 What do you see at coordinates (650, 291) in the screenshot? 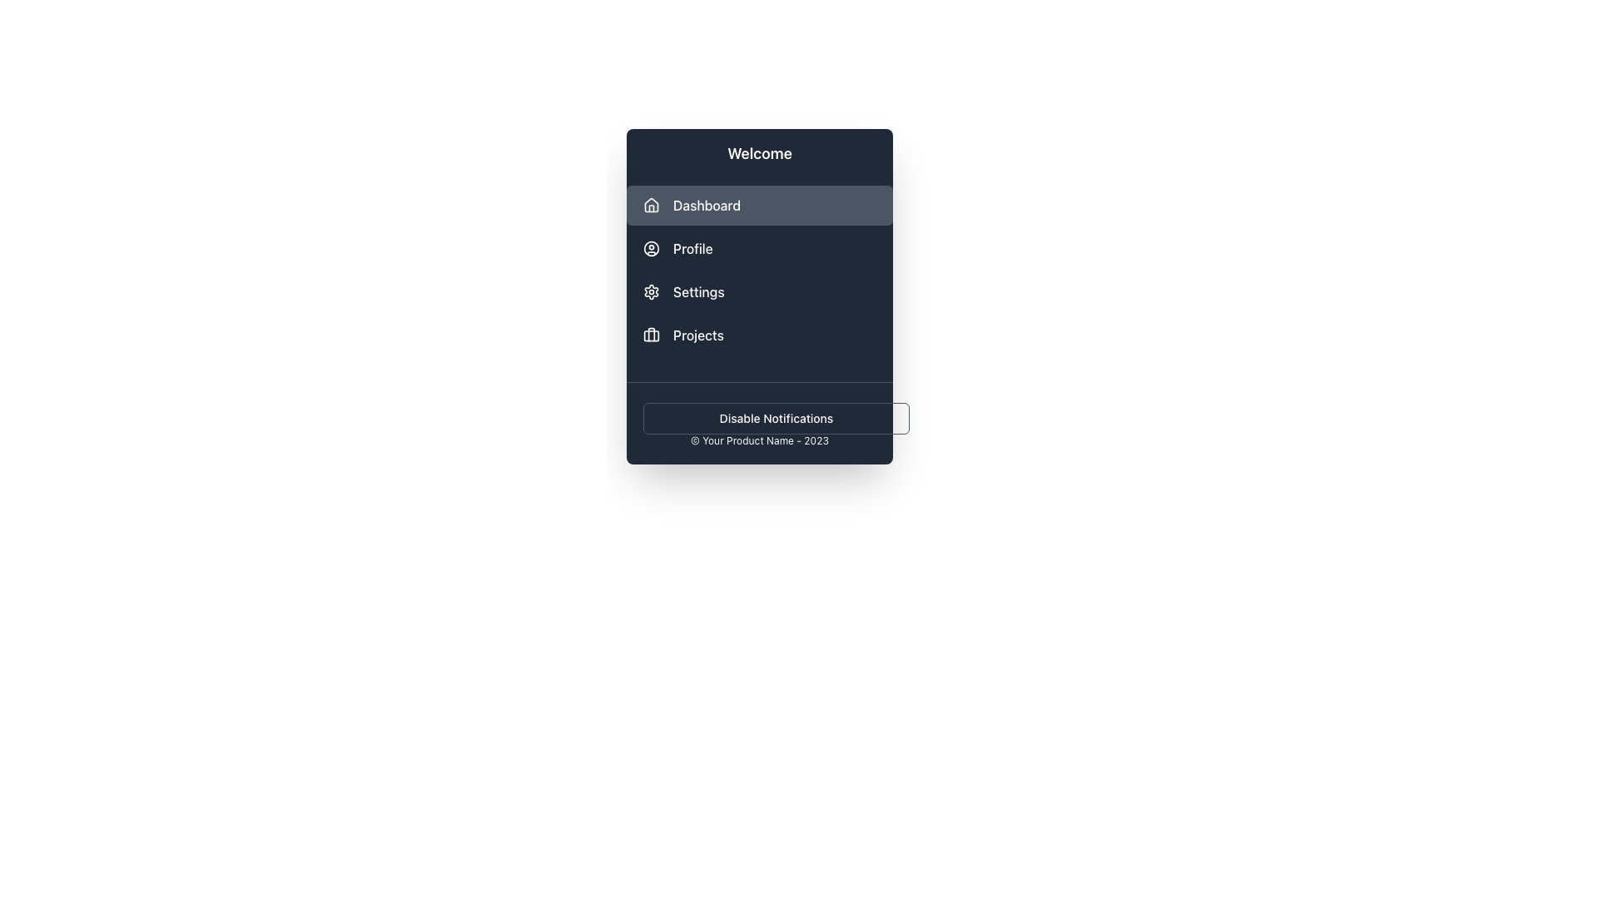
I see `the gear icon located to the left of the 'Settings' text in the vertical menu` at bounding box center [650, 291].